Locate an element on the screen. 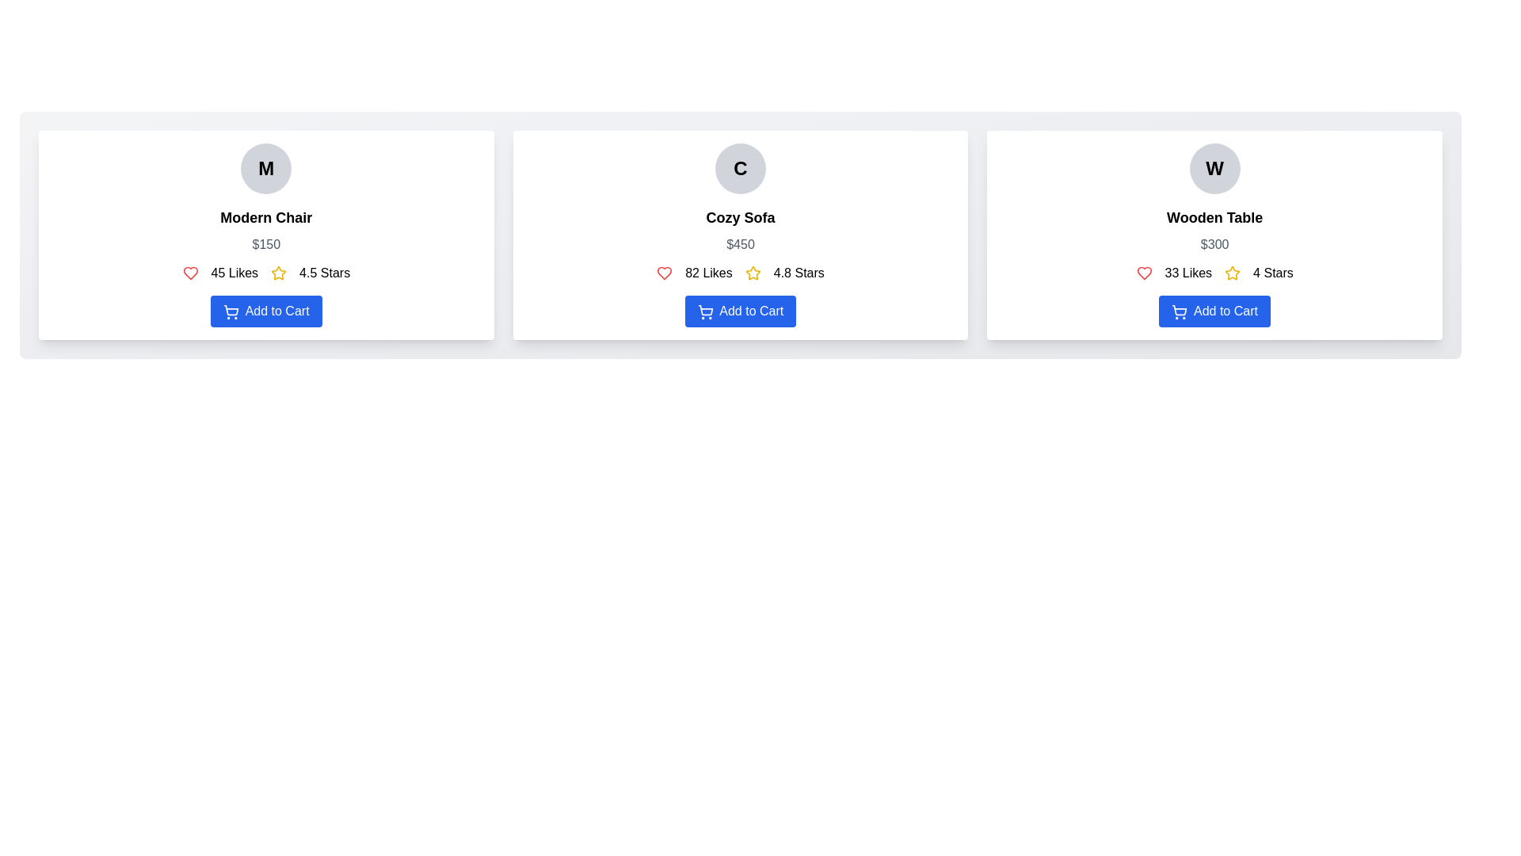 The height and width of the screenshot is (856, 1521). the '4.5 Stars' rating display text, which is styled in black and positioned adjacent to a yellow star icon, located within the lower section of the 'Modern Chair' product card is located at coordinates (324, 272).